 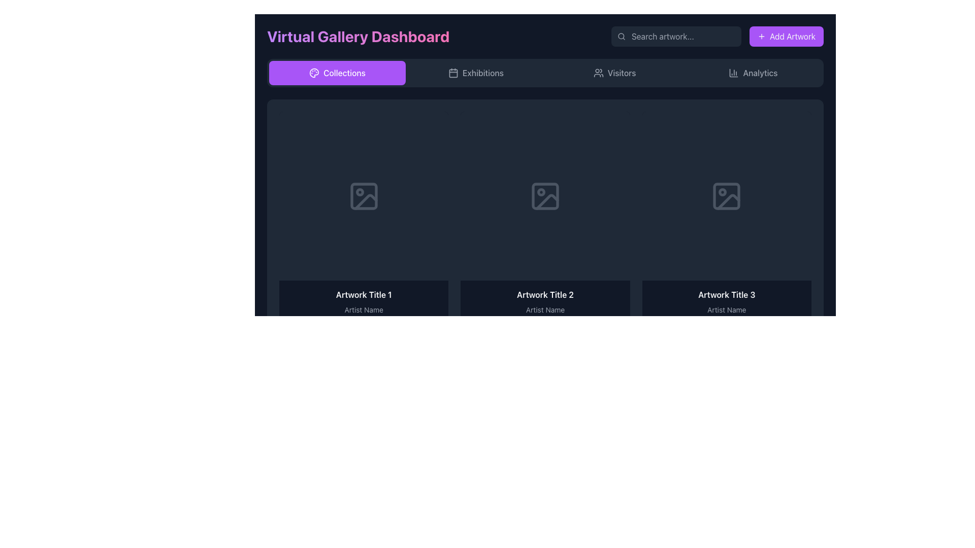 I want to click on the 'Analytics' text label in the navigation menu, which is styled in gray and positioned between the 'Visitors' option and the edge of the bar, so click(x=760, y=72).